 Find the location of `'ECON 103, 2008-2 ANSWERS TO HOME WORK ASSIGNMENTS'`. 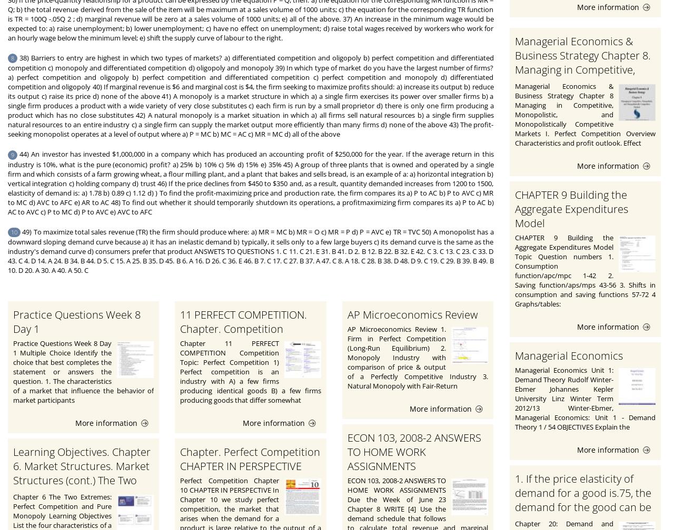

'ECON 103, 2008-2 ANSWERS TO HOME WORK ASSIGNMENTS' is located at coordinates (346, 452).